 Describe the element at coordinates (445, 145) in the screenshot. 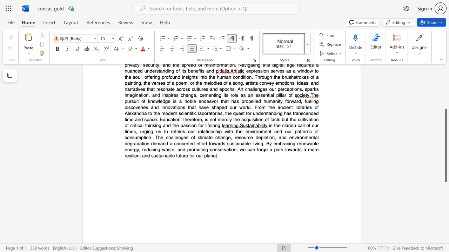

I see `the scrollbar and move up 70 pixels` at that location.